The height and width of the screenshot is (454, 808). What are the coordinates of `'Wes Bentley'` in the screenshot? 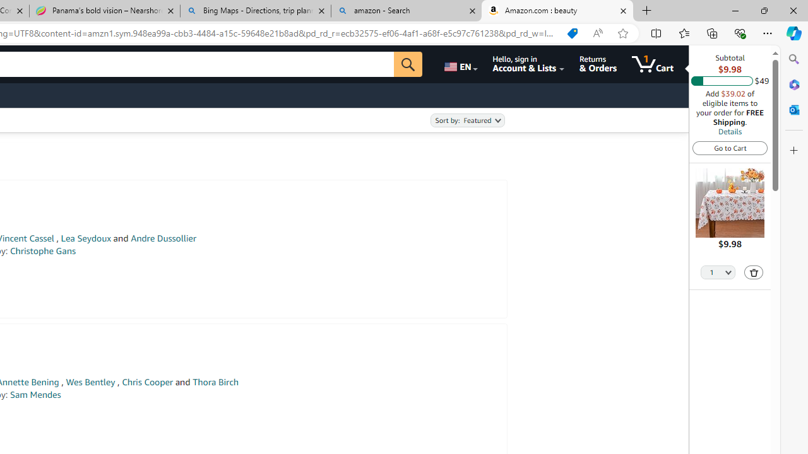 It's located at (90, 381).